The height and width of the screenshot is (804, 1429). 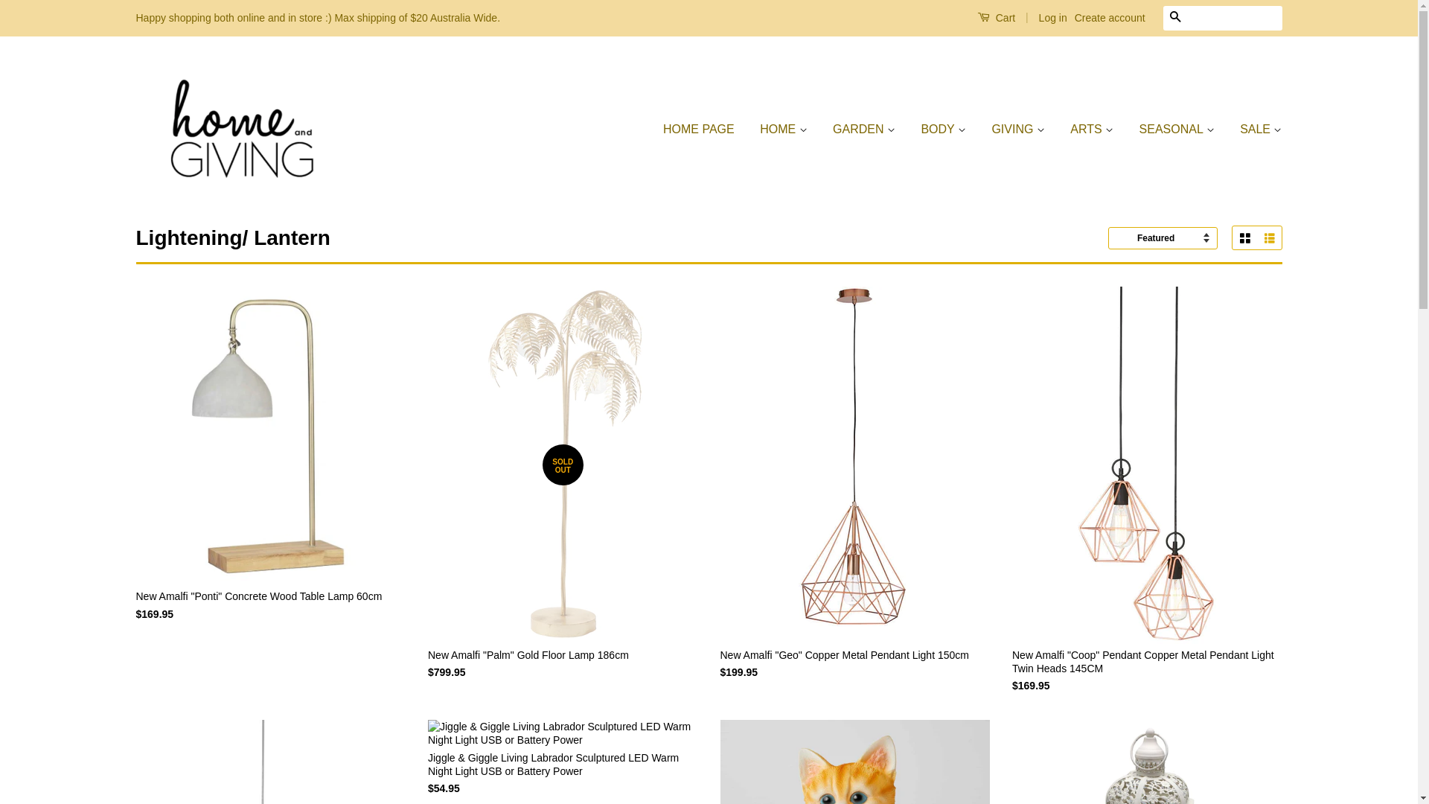 I want to click on 'List View', so click(x=1256, y=237).